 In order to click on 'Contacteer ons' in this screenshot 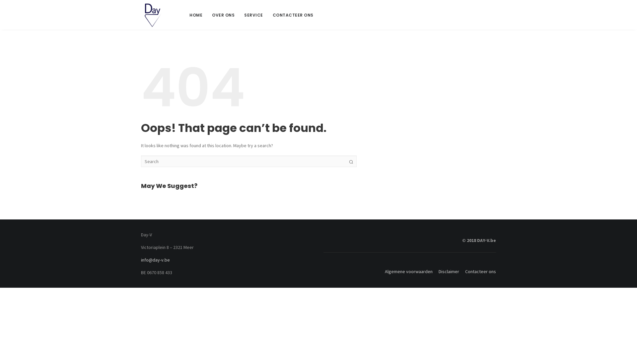, I will do `click(460, 271)`.